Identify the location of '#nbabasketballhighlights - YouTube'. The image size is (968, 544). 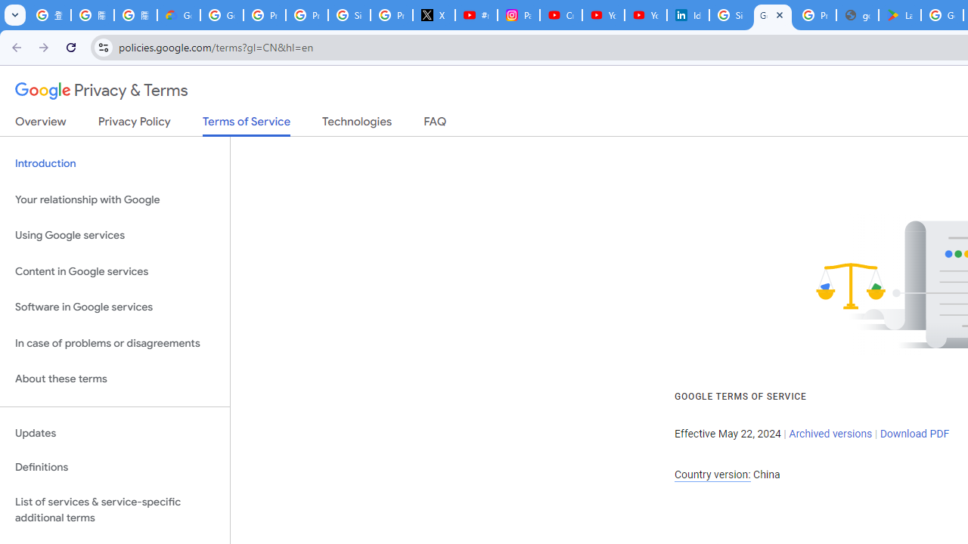
(475, 15).